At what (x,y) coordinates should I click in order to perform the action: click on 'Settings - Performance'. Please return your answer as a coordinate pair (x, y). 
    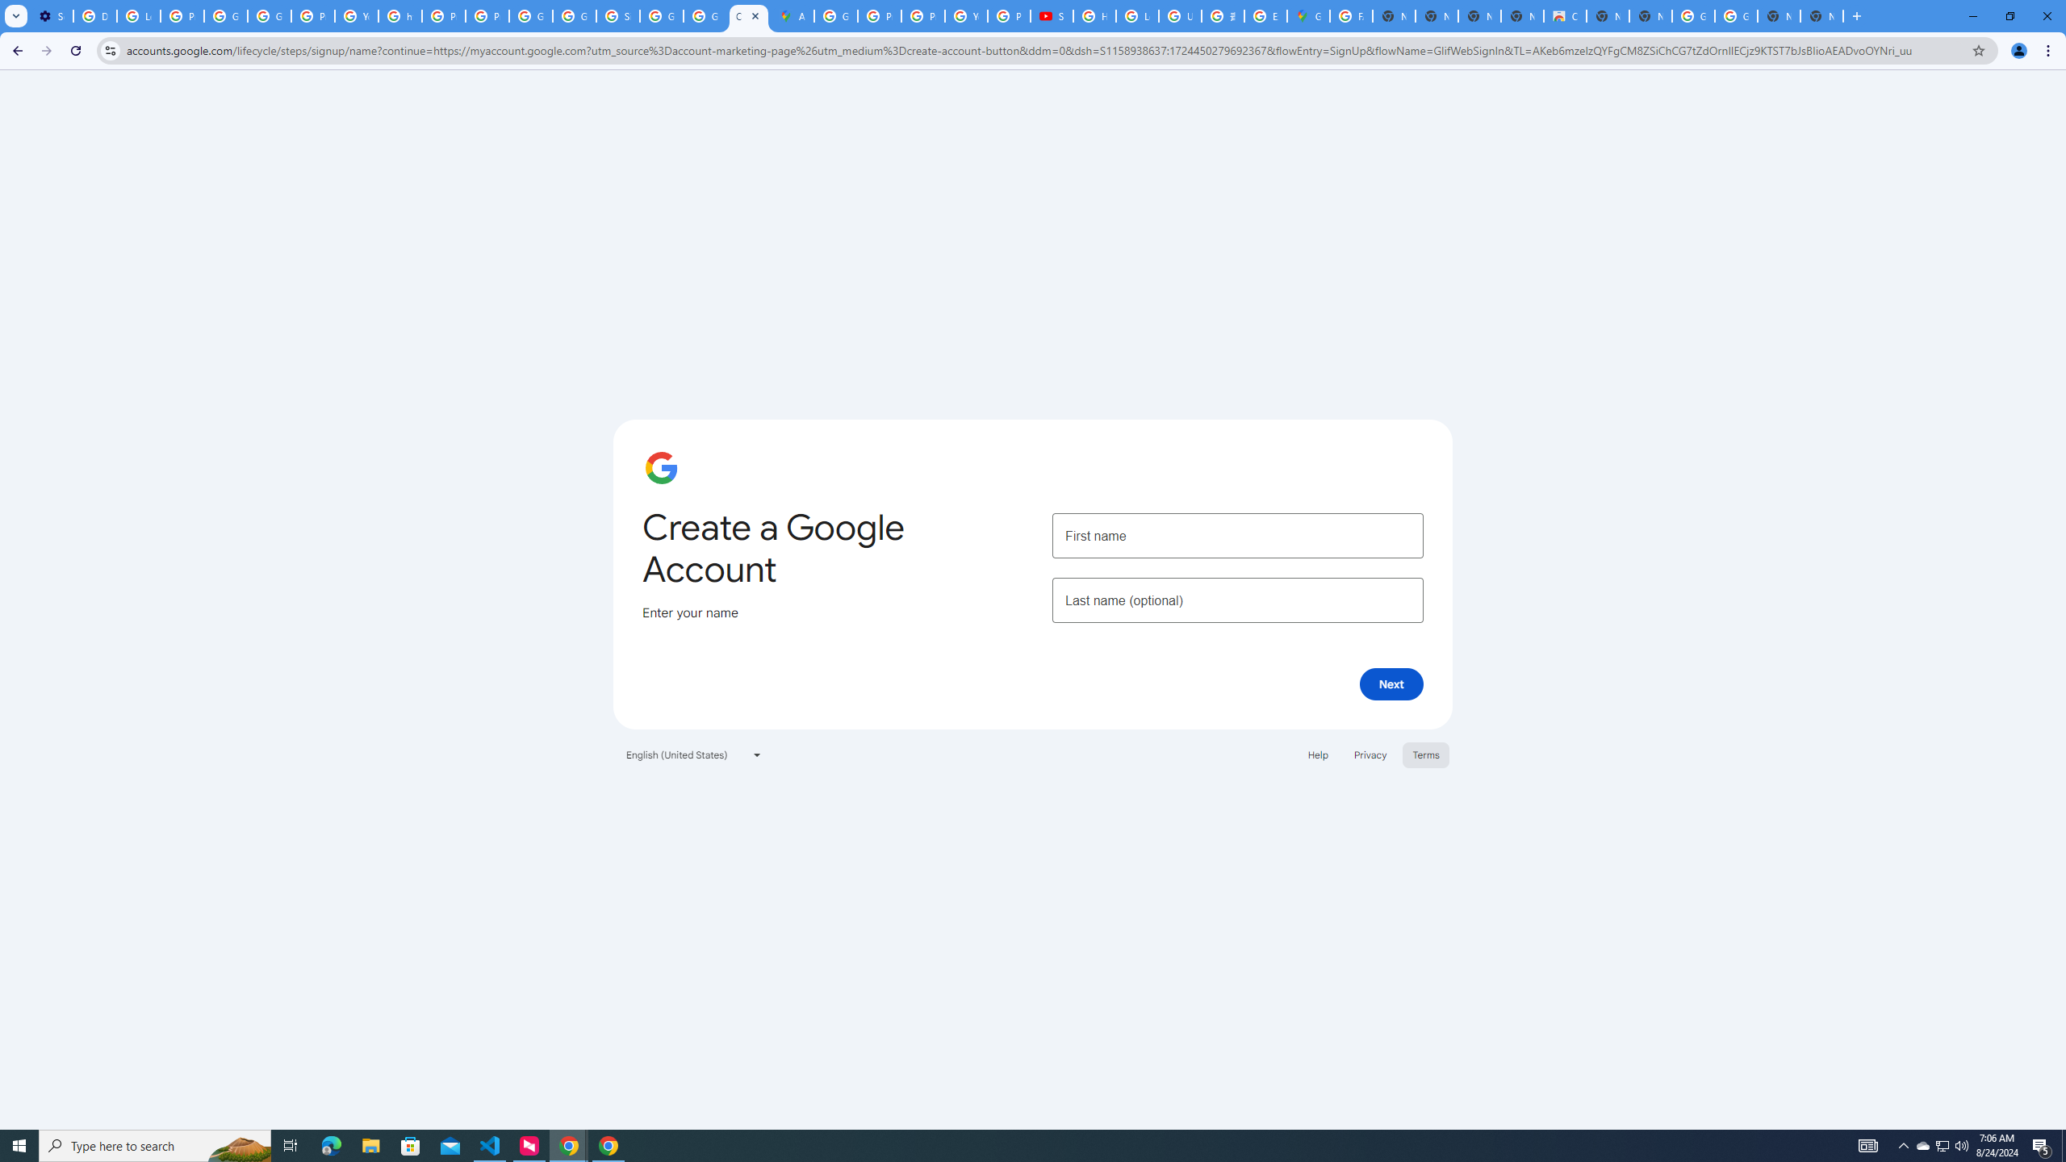
    Looking at the image, I should click on (52, 15).